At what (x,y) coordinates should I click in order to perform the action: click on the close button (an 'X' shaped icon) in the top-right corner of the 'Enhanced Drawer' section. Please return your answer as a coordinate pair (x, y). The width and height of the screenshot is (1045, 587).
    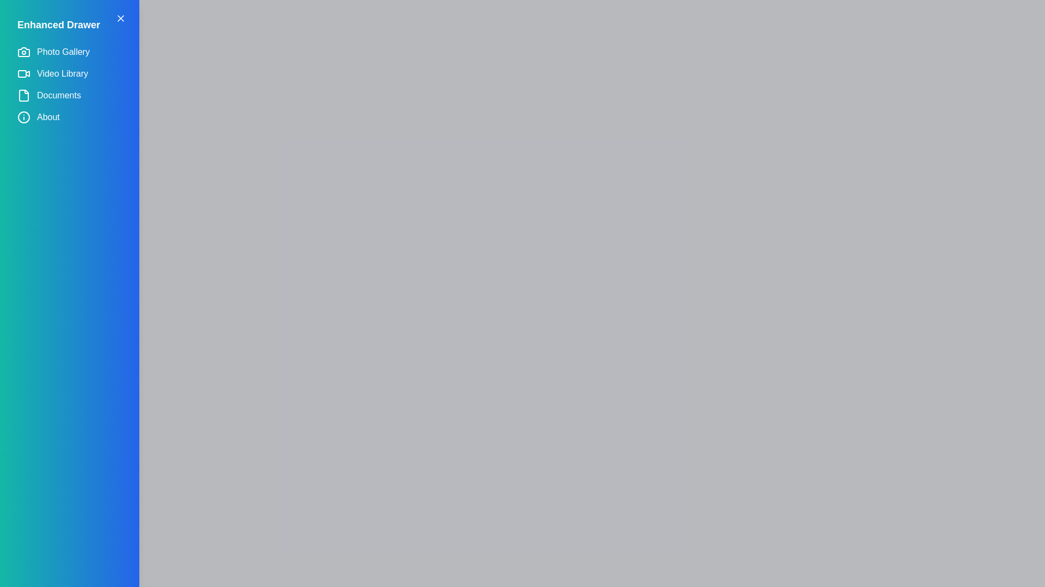
    Looking at the image, I should click on (120, 18).